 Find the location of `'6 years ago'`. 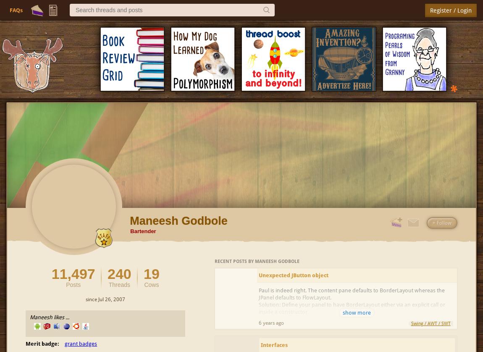

'6 years ago' is located at coordinates (258, 322).